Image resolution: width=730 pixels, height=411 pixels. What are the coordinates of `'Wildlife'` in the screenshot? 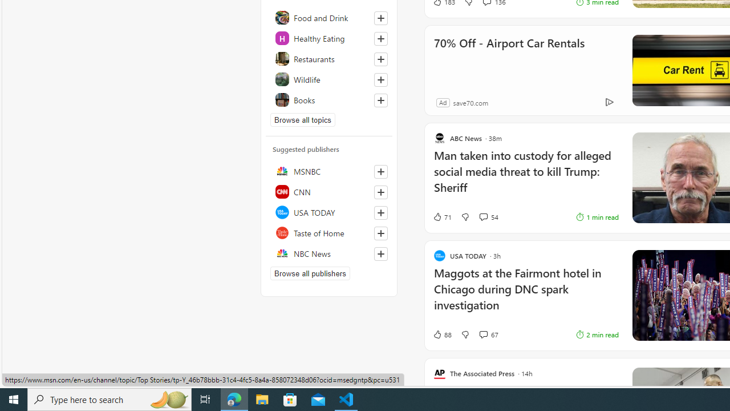 It's located at (328, 78).